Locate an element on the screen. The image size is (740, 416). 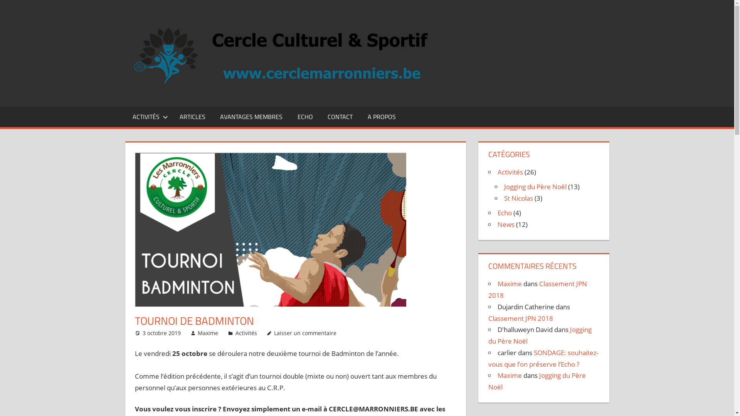
'Laisser un commentaire' is located at coordinates (305, 332).